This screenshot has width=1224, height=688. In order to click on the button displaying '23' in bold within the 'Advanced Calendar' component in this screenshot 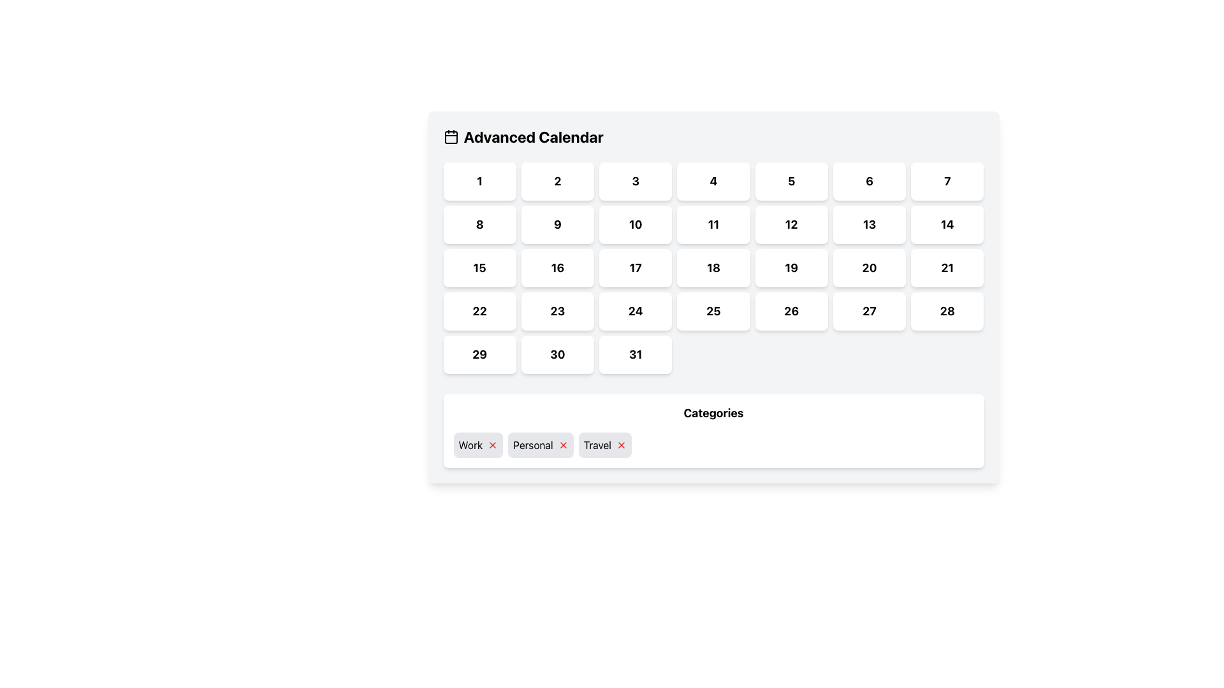, I will do `click(557, 312)`.